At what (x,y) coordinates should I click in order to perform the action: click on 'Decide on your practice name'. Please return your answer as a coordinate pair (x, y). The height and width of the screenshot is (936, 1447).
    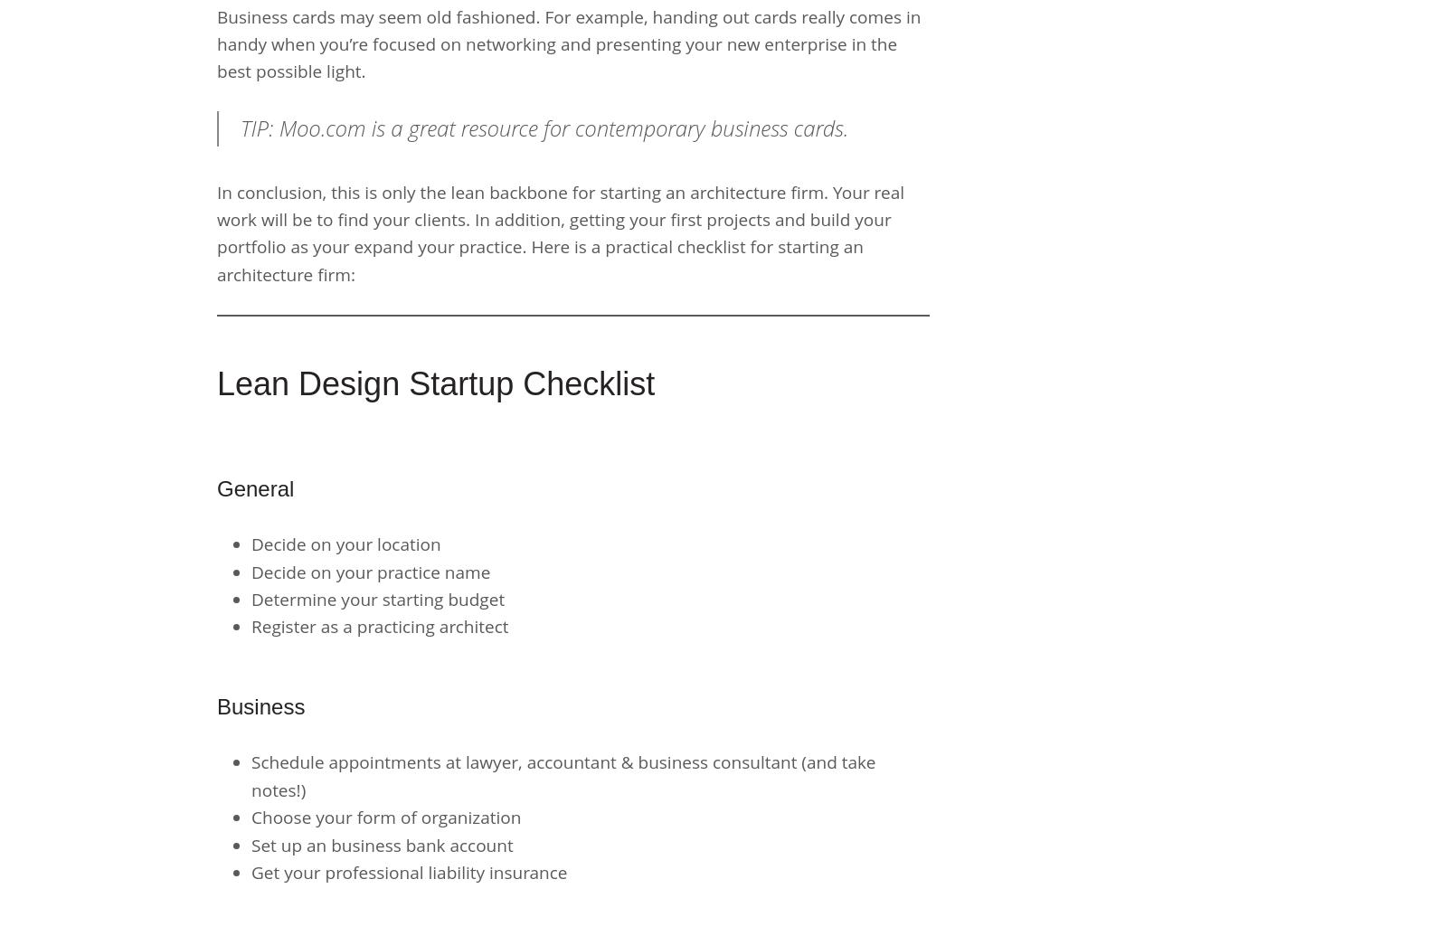
    Looking at the image, I should click on (369, 570).